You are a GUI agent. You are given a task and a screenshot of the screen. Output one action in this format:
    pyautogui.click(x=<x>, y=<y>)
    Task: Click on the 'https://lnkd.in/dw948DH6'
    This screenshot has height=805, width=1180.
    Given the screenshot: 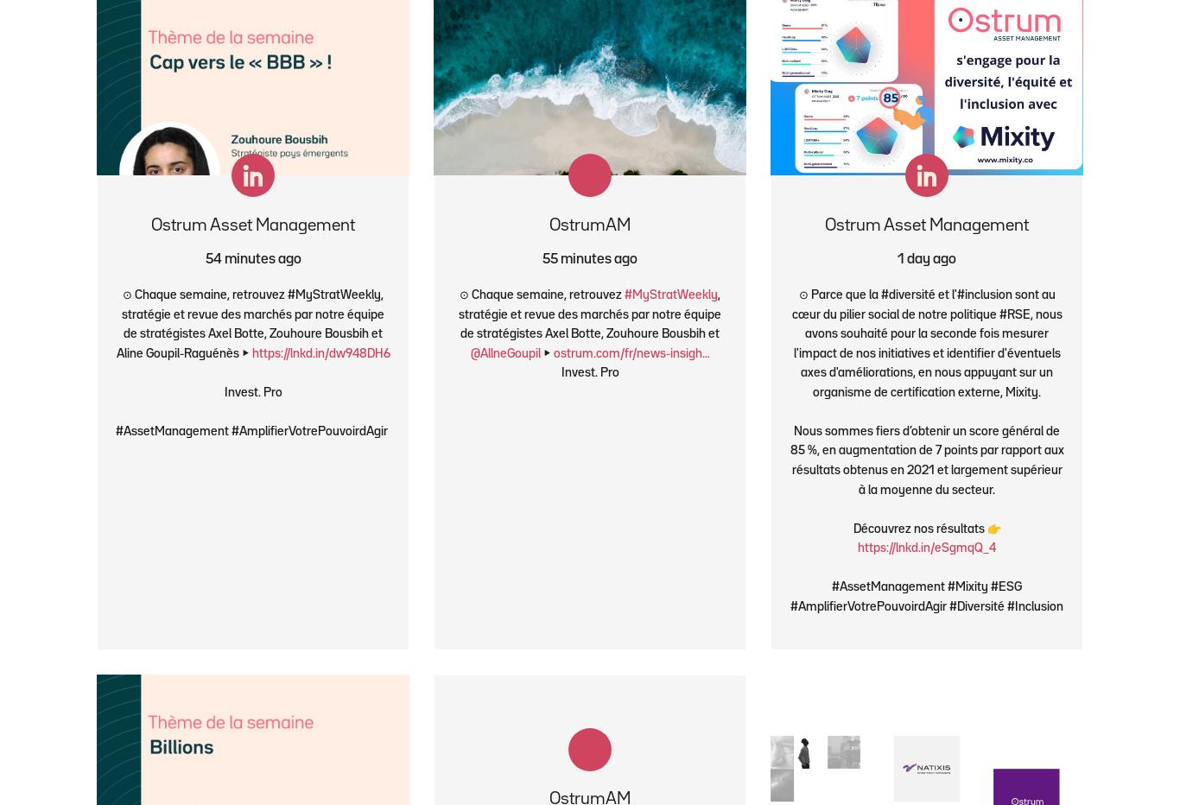 What is the action you would take?
    pyautogui.click(x=251, y=352)
    